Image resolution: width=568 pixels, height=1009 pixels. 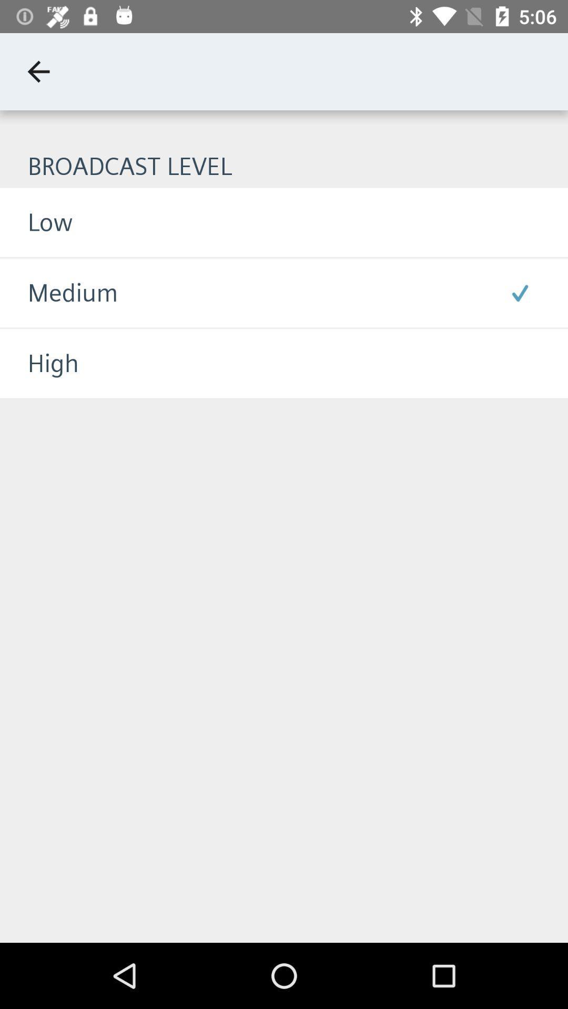 I want to click on icon above the high icon, so click(x=59, y=293).